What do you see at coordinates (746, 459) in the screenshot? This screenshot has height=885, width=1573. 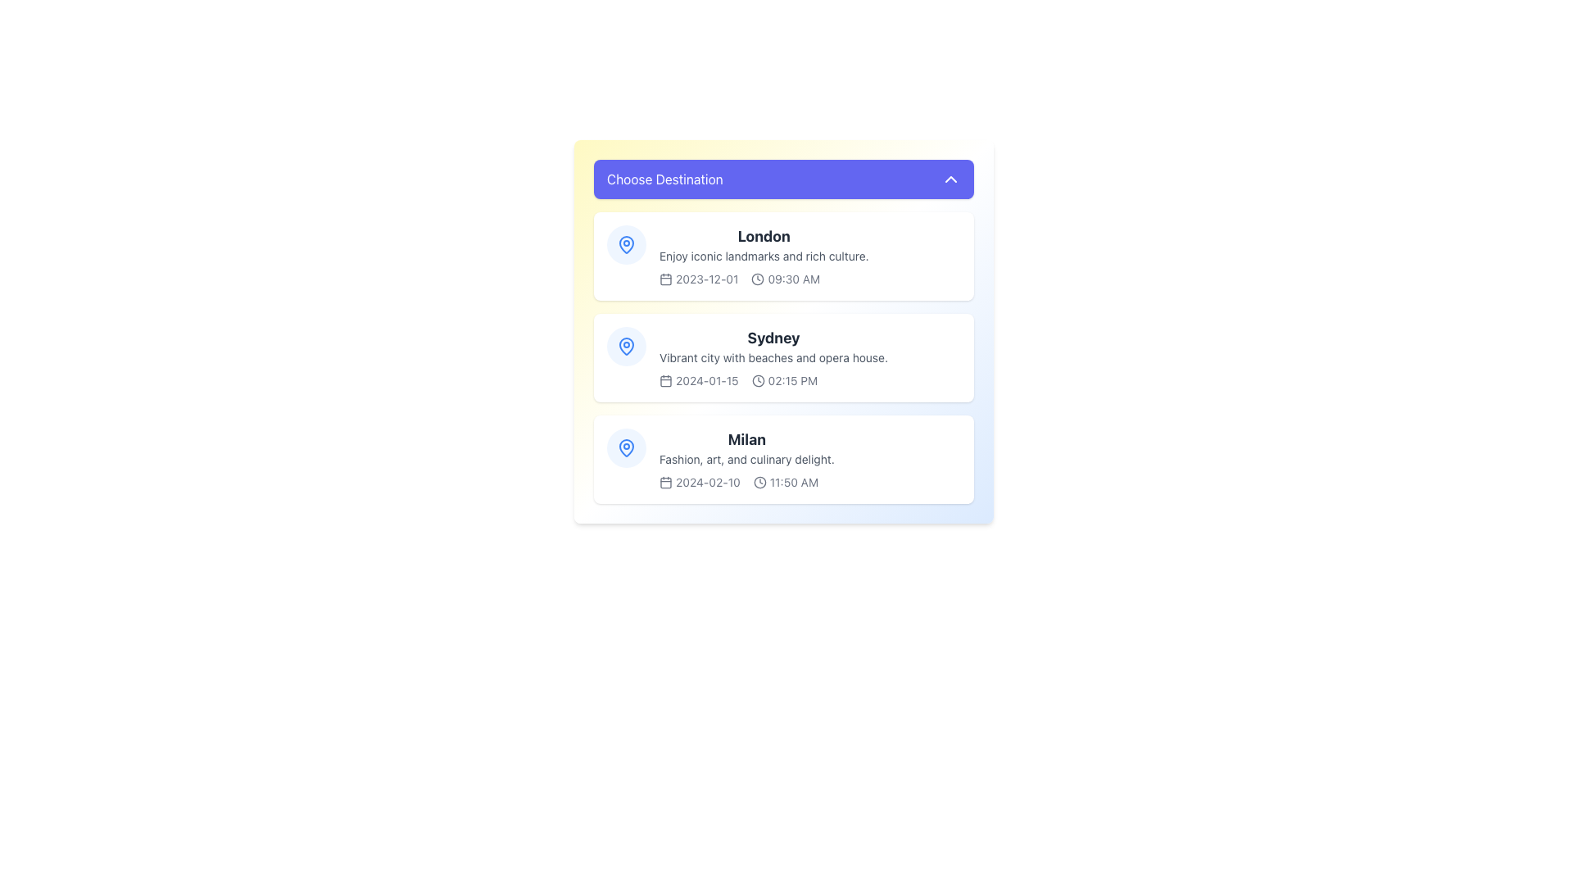 I see `the text label that reads 'Fashion, art, and culinary delight.' positioned beneath the 'Milan' title and above the timestamp` at bounding box center [746, 459].